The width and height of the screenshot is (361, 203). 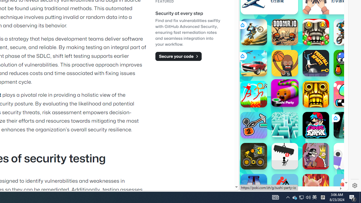 I want to click on 'Doomr.io Doomr.io', so click(x=285, y=32).